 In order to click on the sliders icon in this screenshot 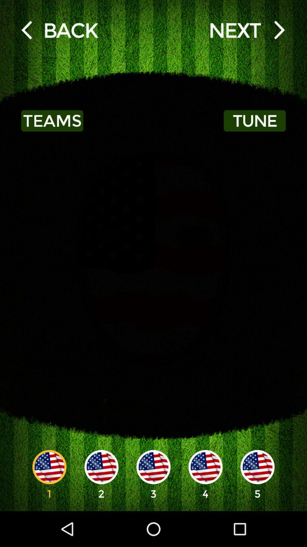, I will do `click(59, 30)`.